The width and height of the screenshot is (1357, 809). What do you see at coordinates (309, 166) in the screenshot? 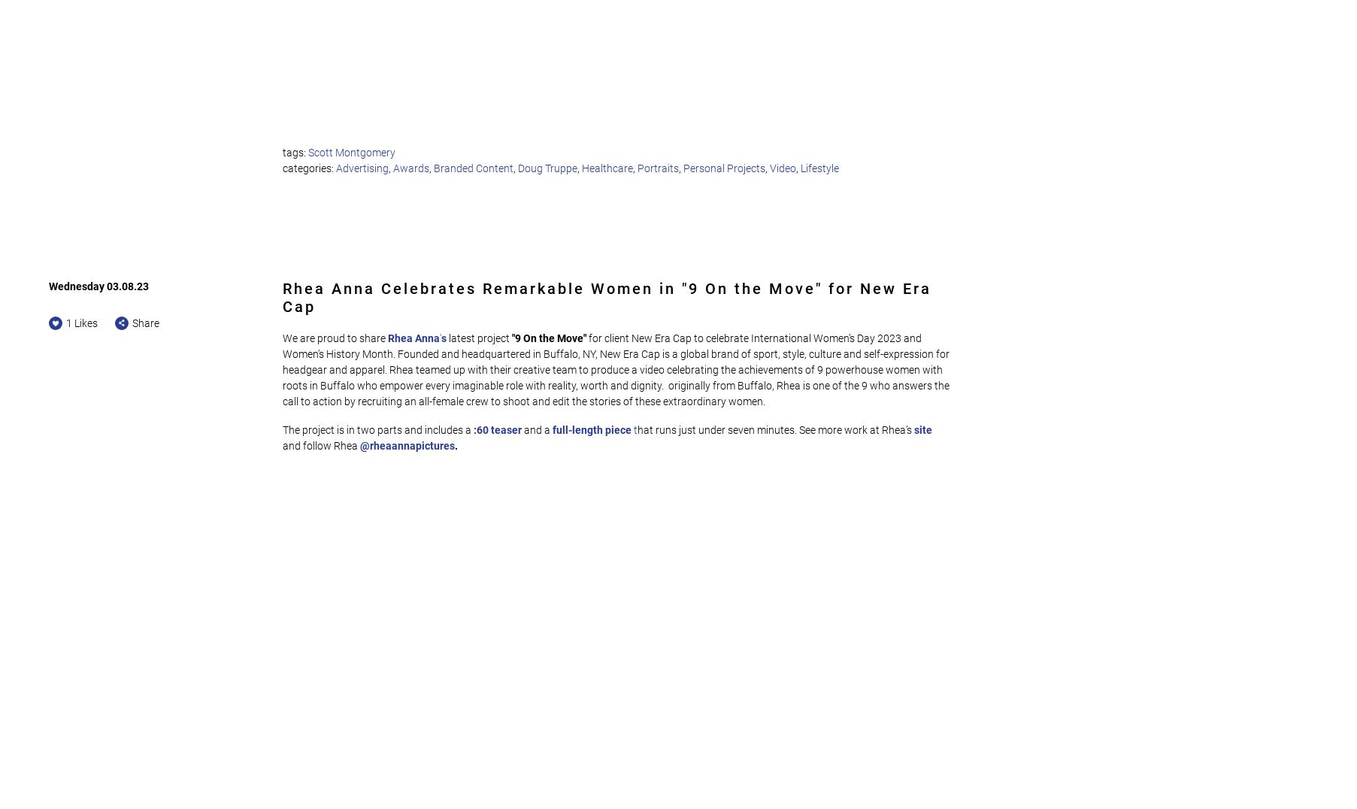
I see `'categories:'` at bounding box center [309, 166].